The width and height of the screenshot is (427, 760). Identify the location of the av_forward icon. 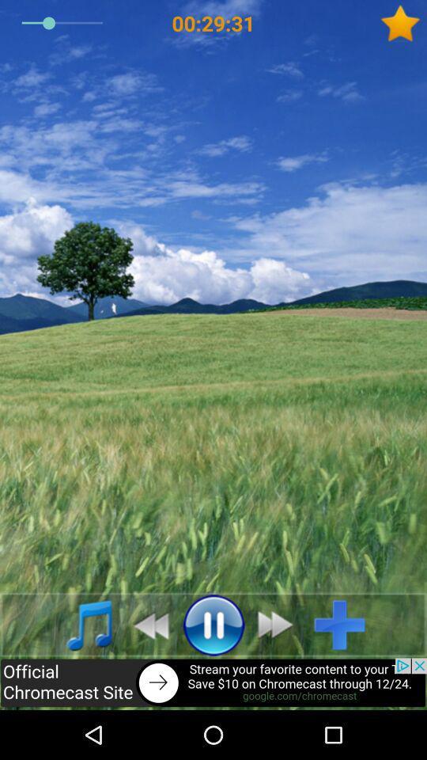
(279, 625).